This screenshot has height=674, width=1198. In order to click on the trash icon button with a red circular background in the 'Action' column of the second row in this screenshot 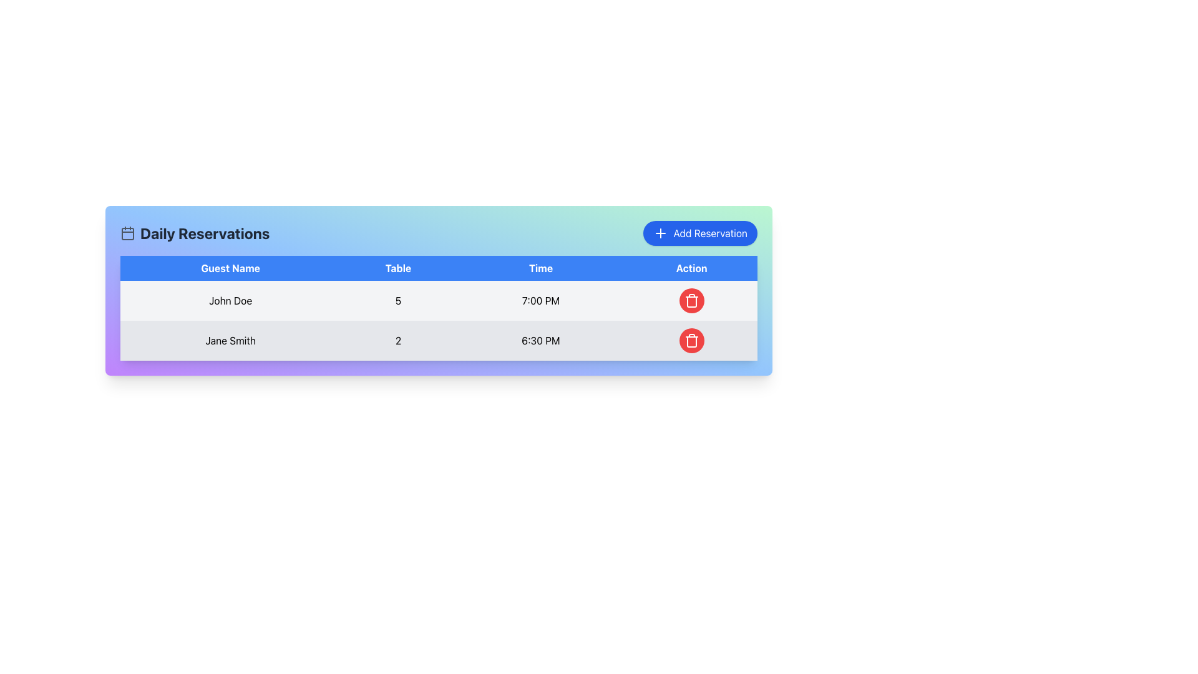, I will do `click(691, 341)`.